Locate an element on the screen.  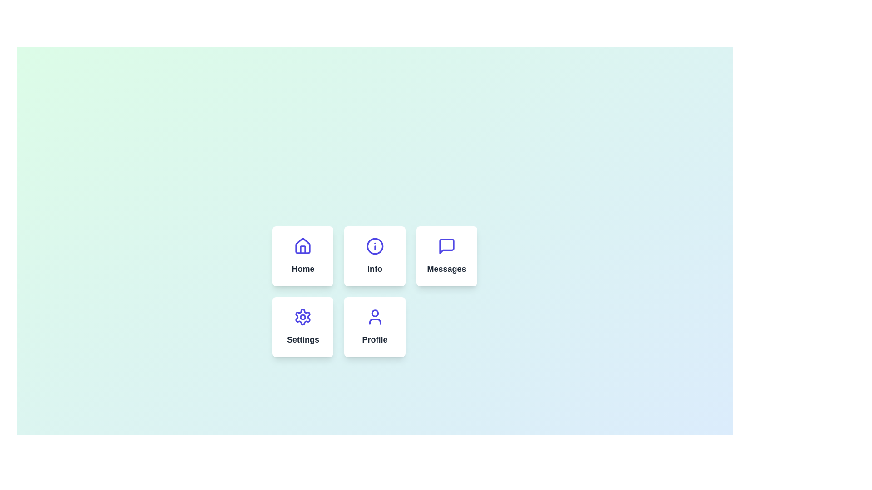
the 'Profile' icon located in the bottom row of the 3x2 grid layout, centered within its card is located at coordinates (375, 316).